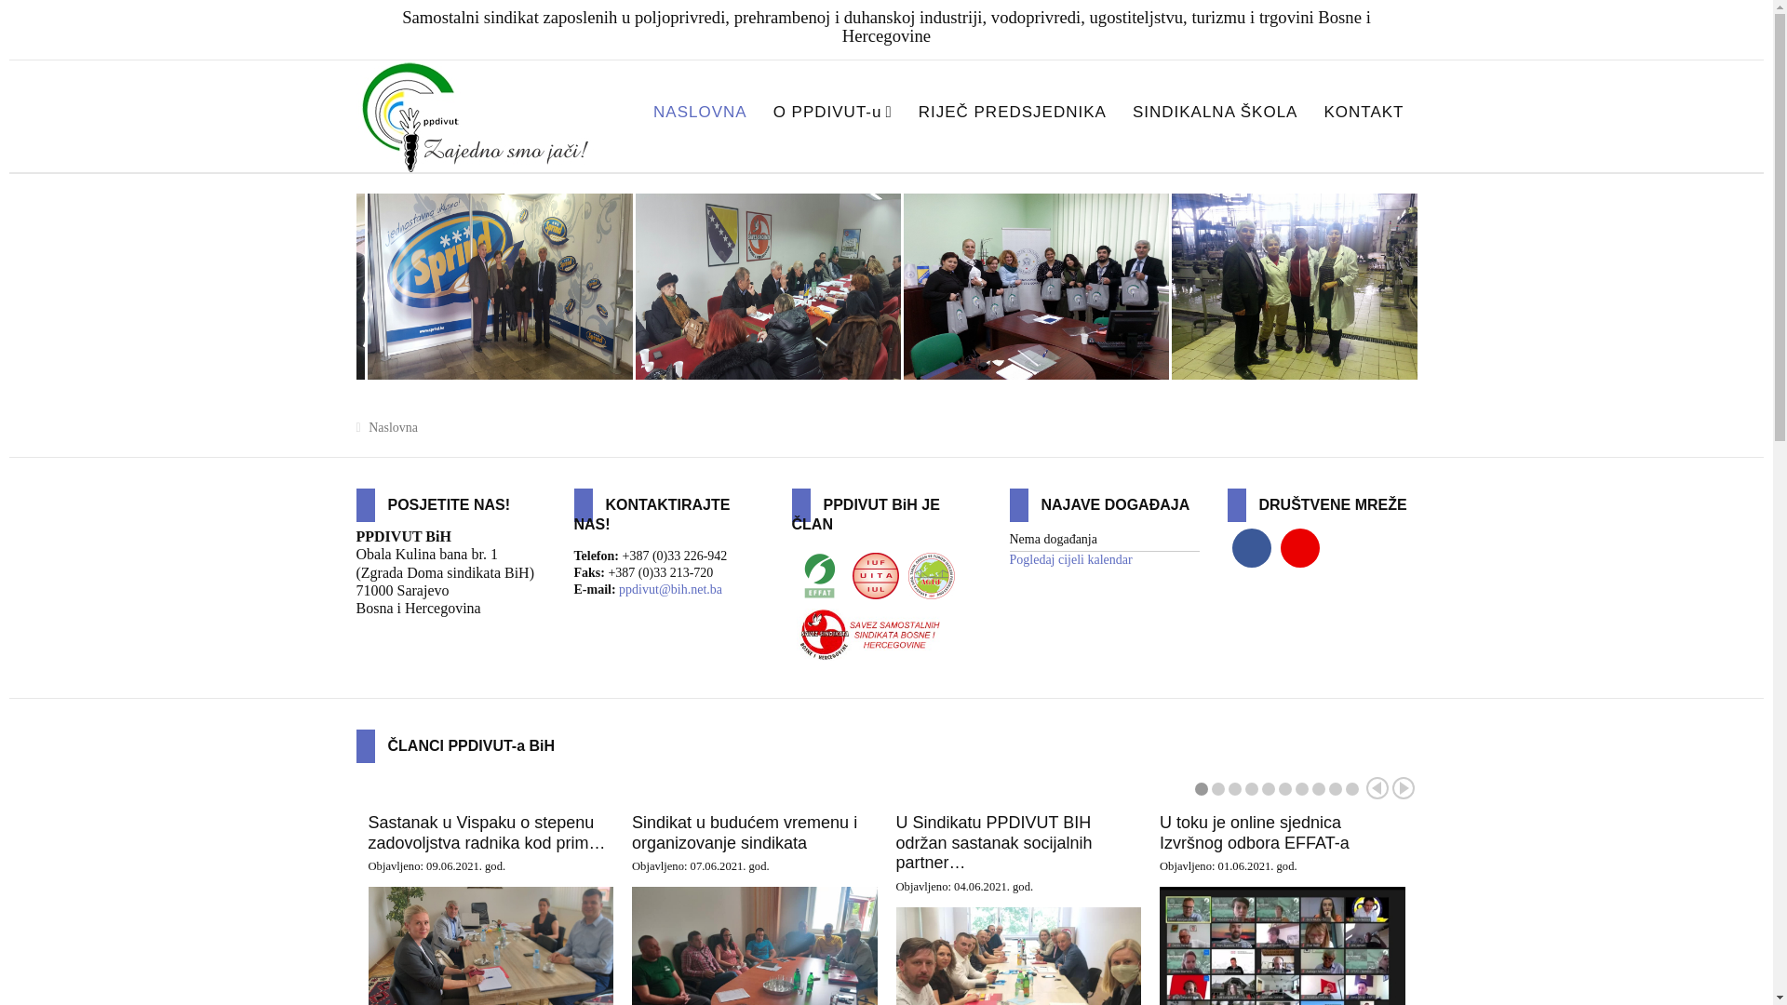  Describe the element at coordinates (1251, 789) in the screenshot. I see `'4'` at that location.